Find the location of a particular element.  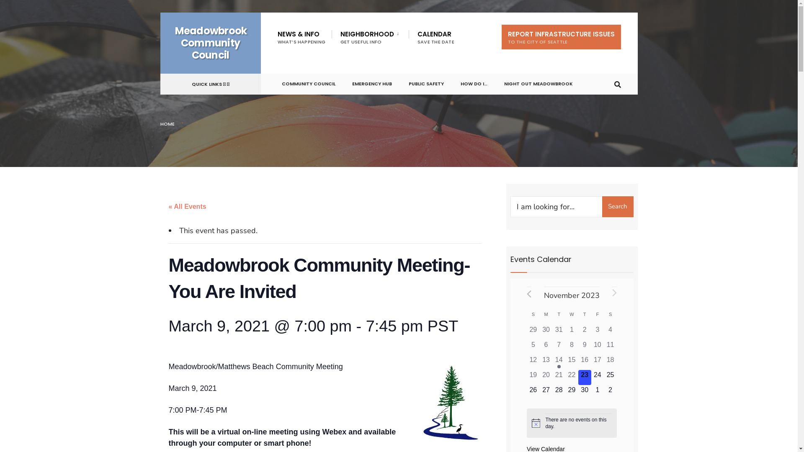

'0 events, is located at coordinates (533, 332).